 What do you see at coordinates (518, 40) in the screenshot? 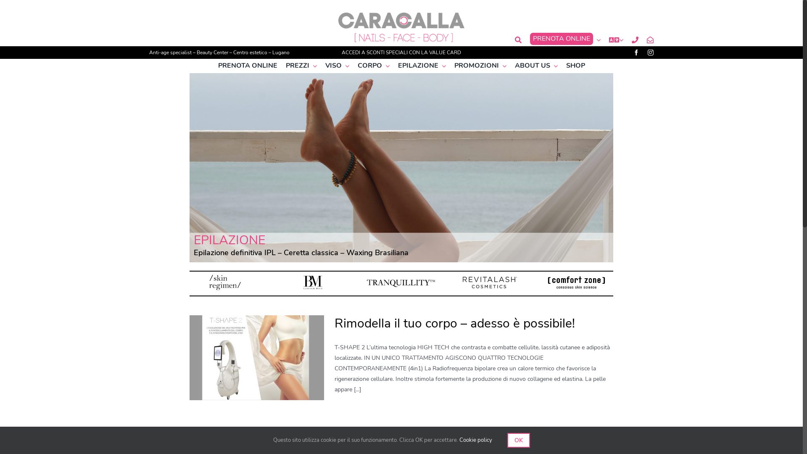
I see `'CERCA'` at bounding box center [518, 40].